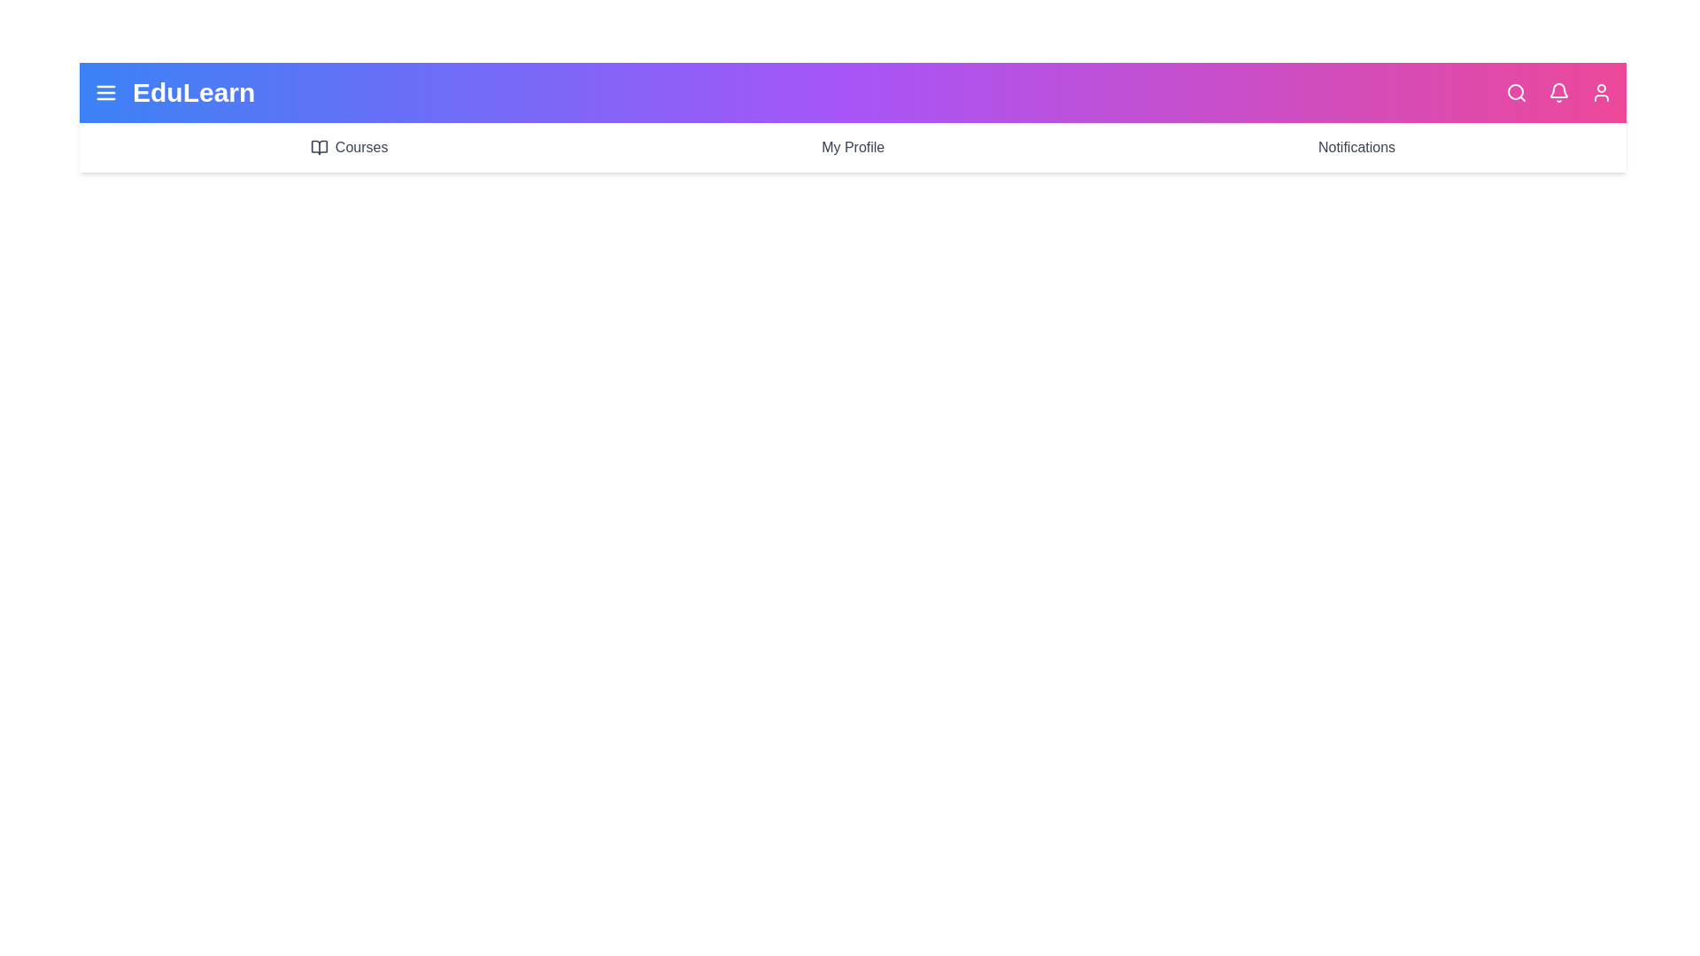 The height and width of the screenshot is (956, 1700). What do you see at coordinates (1559, 92) in the screenshot?
I see `the bell icon to observe its hover effect` at bounding box center [1559, 92].